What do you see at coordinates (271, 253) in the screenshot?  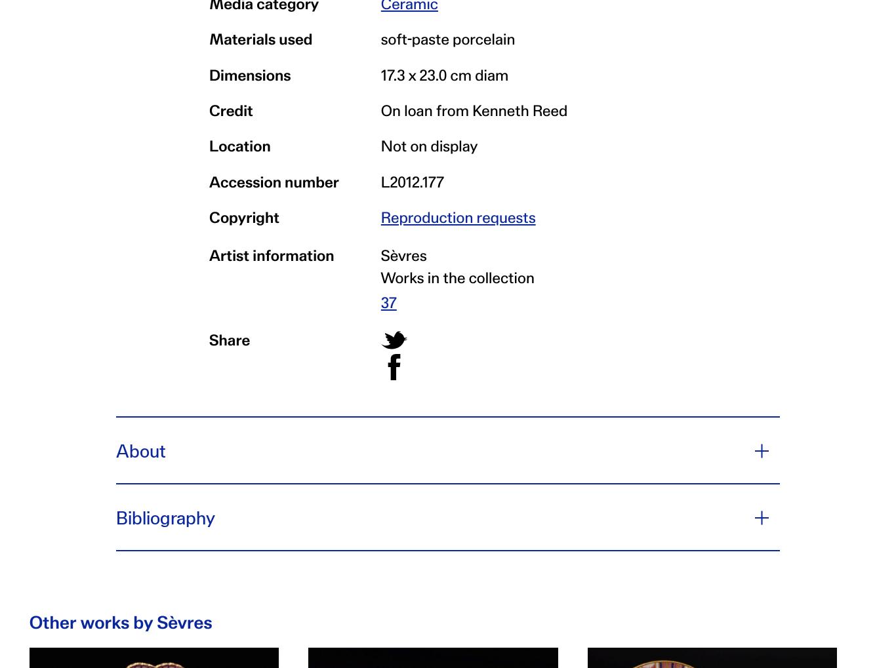 I see `'Artist information'` at bounding box center [271, 253].